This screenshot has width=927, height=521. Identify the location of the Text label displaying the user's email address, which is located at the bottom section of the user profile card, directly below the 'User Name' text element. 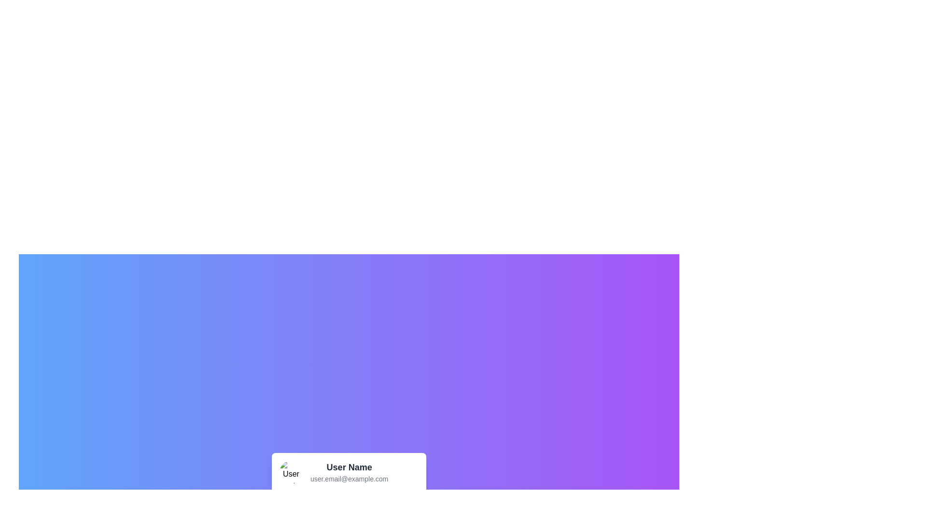
(349, 479).